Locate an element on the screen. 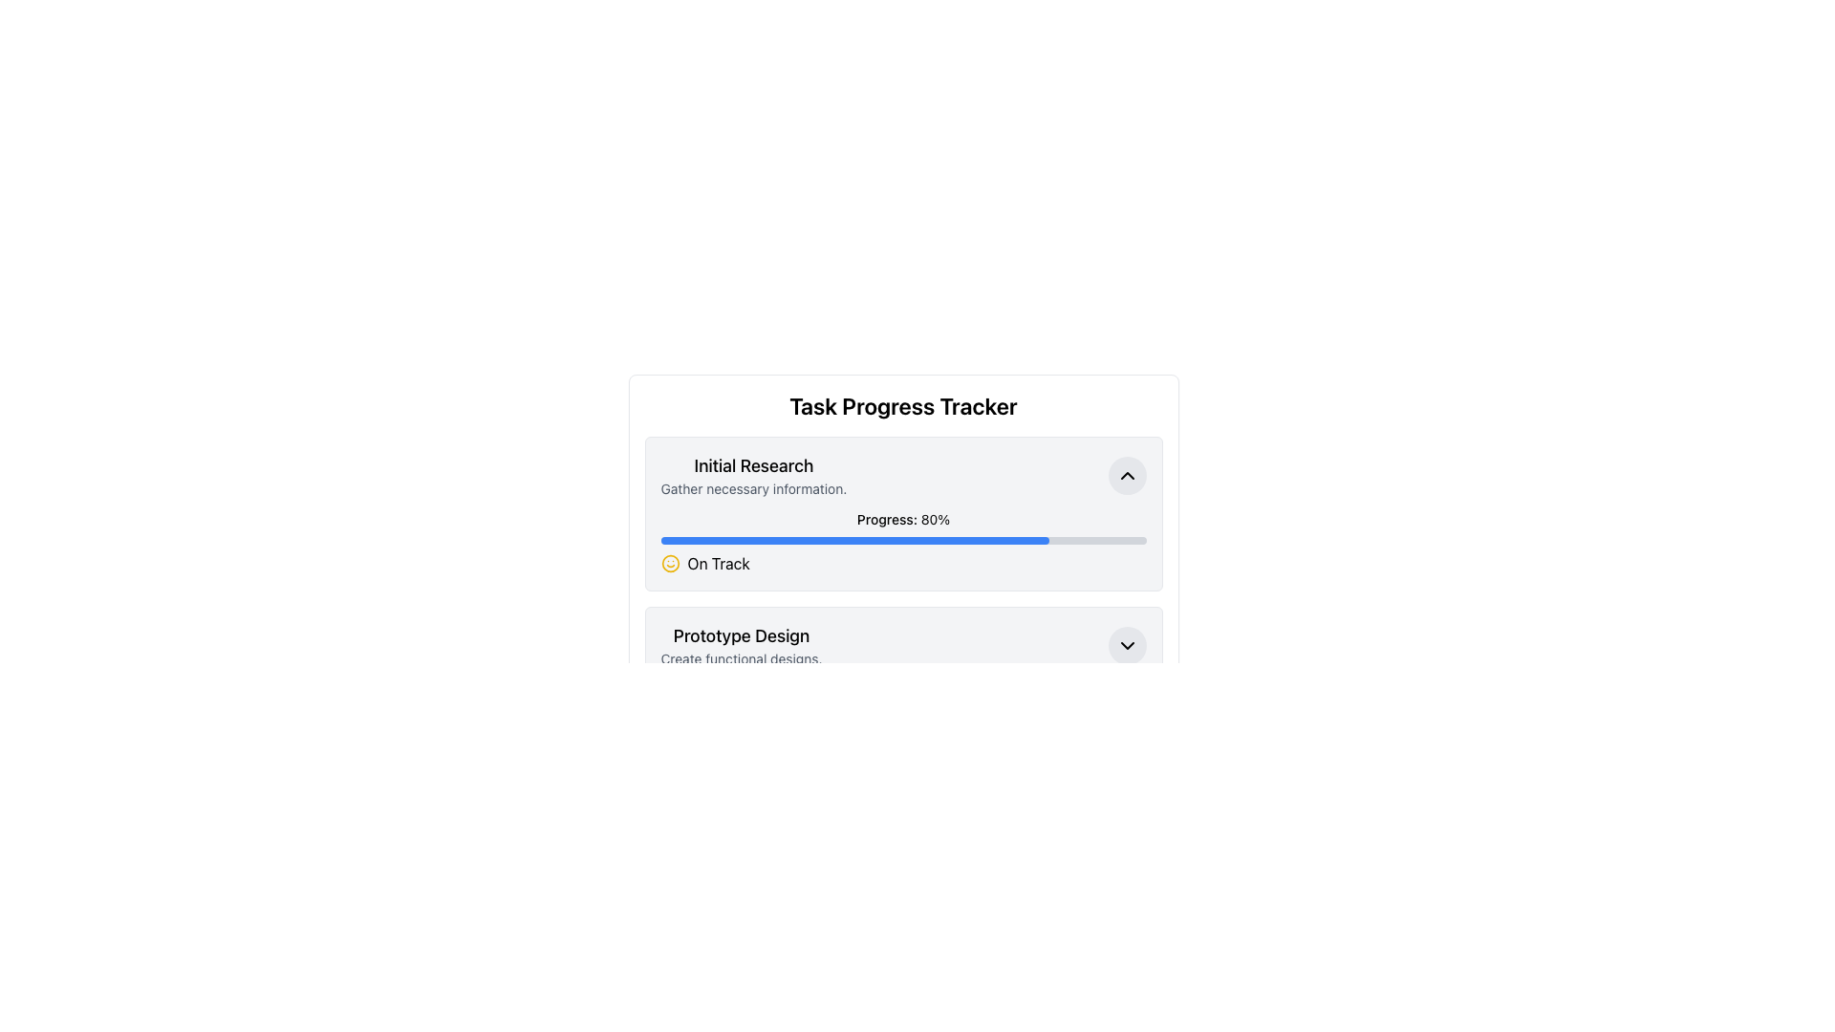 The height and width of the screenshot is (1032, 1835). the Task entry with a toggle button labeled 'Prototype Design' to focus it is located at coordinates (902, 645).